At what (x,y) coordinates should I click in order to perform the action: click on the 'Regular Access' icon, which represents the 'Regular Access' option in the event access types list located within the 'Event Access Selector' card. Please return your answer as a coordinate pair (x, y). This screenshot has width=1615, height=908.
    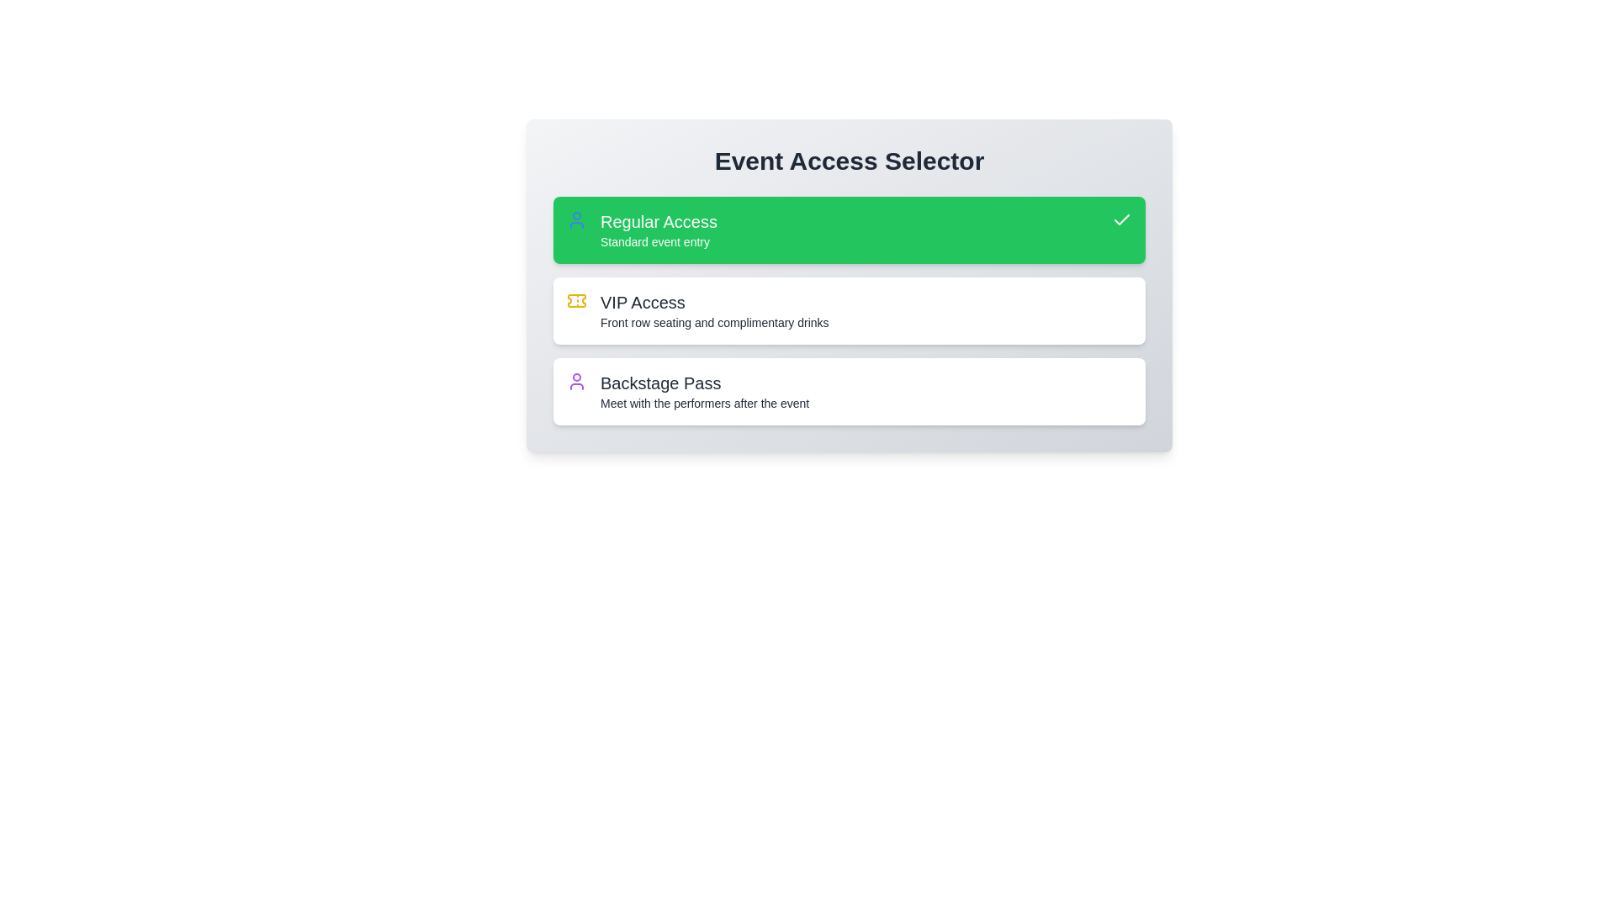
    Looking at the image, I should click on (577, 230).